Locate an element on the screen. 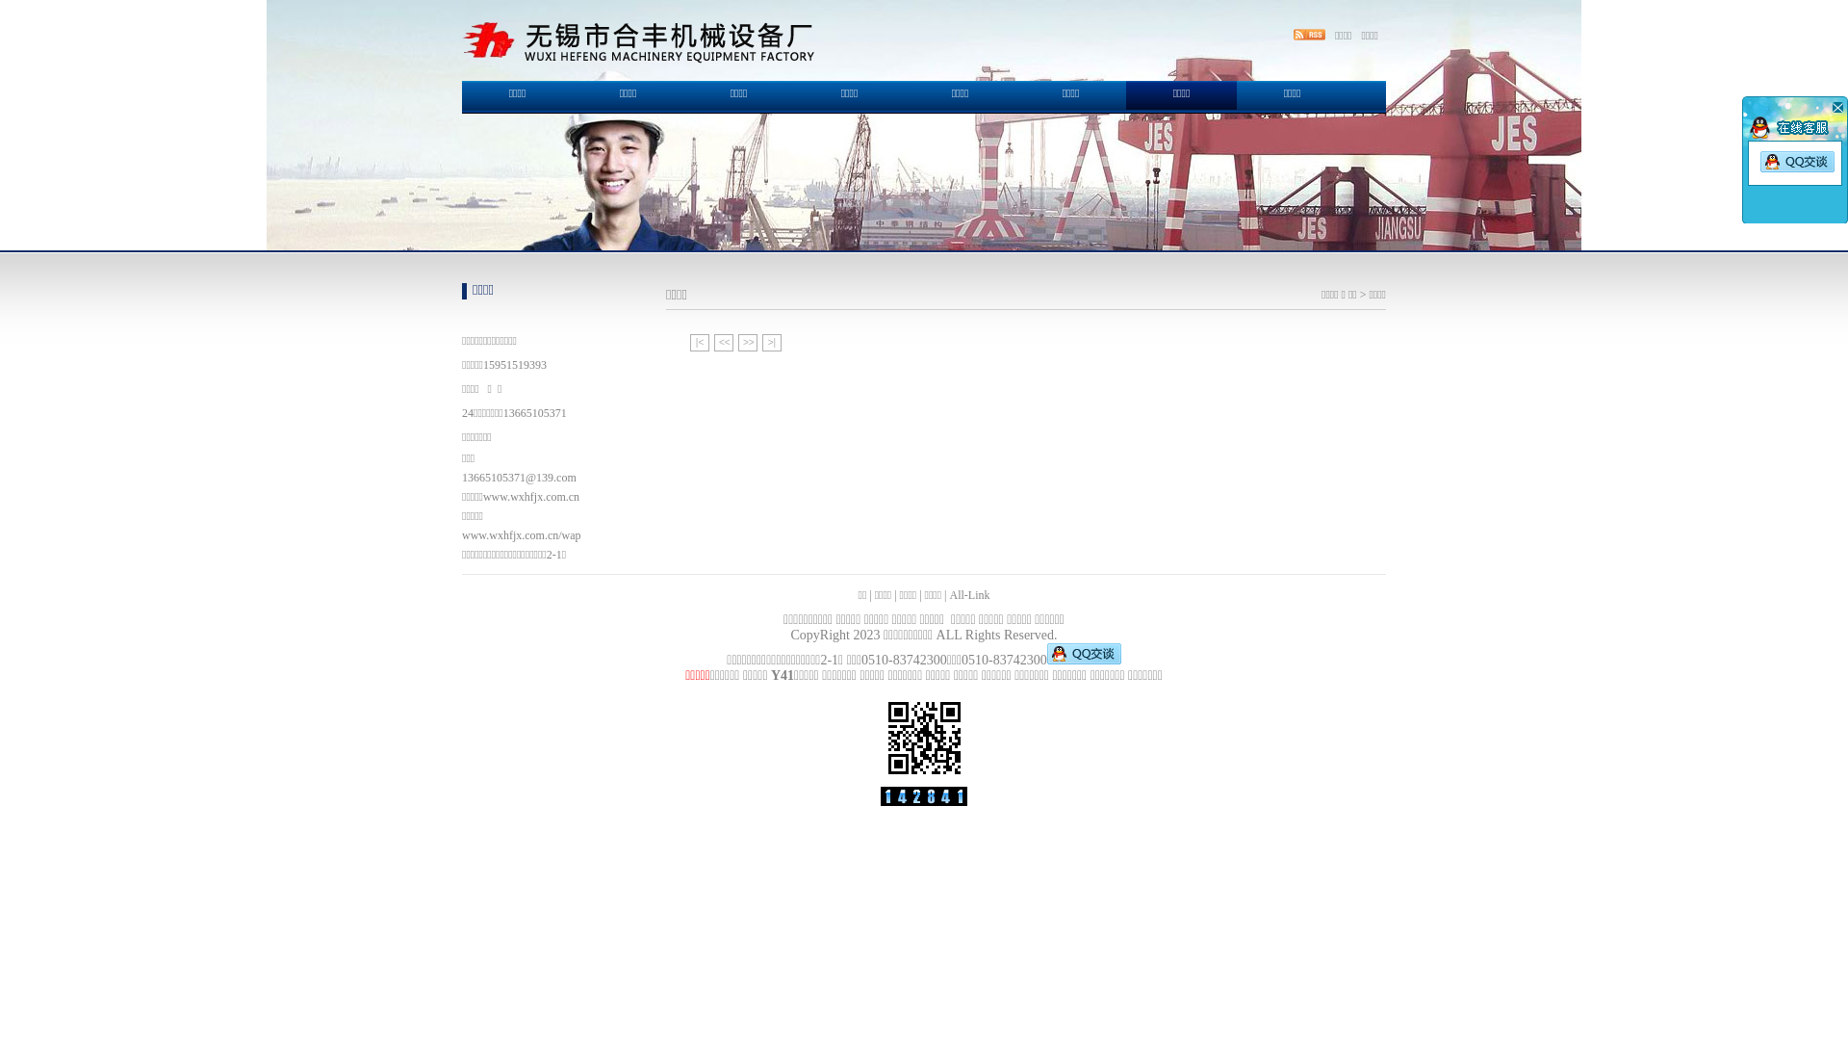 Image resolution: width=1848 pixels, height=1040 pixels. '>>' is located at coordinates (747, 341).